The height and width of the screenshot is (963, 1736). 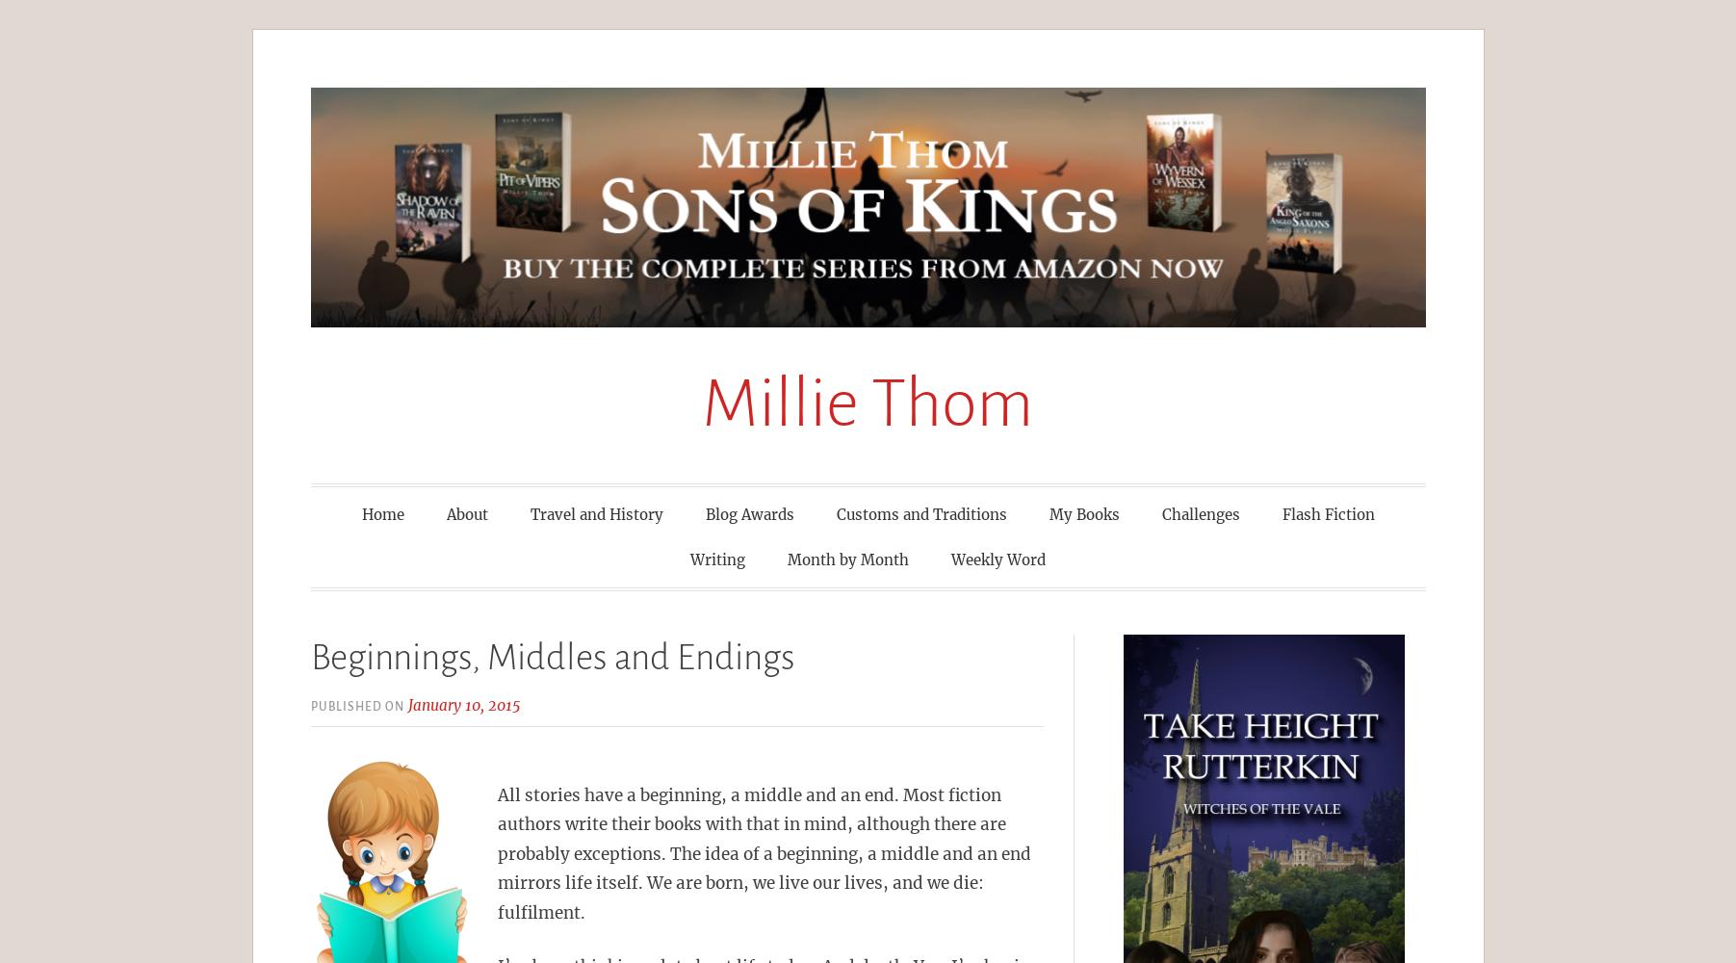 What do you see at coordinates (381, 513) in the screenshot?
I see `'Home'` at bounding box center [381, 513].